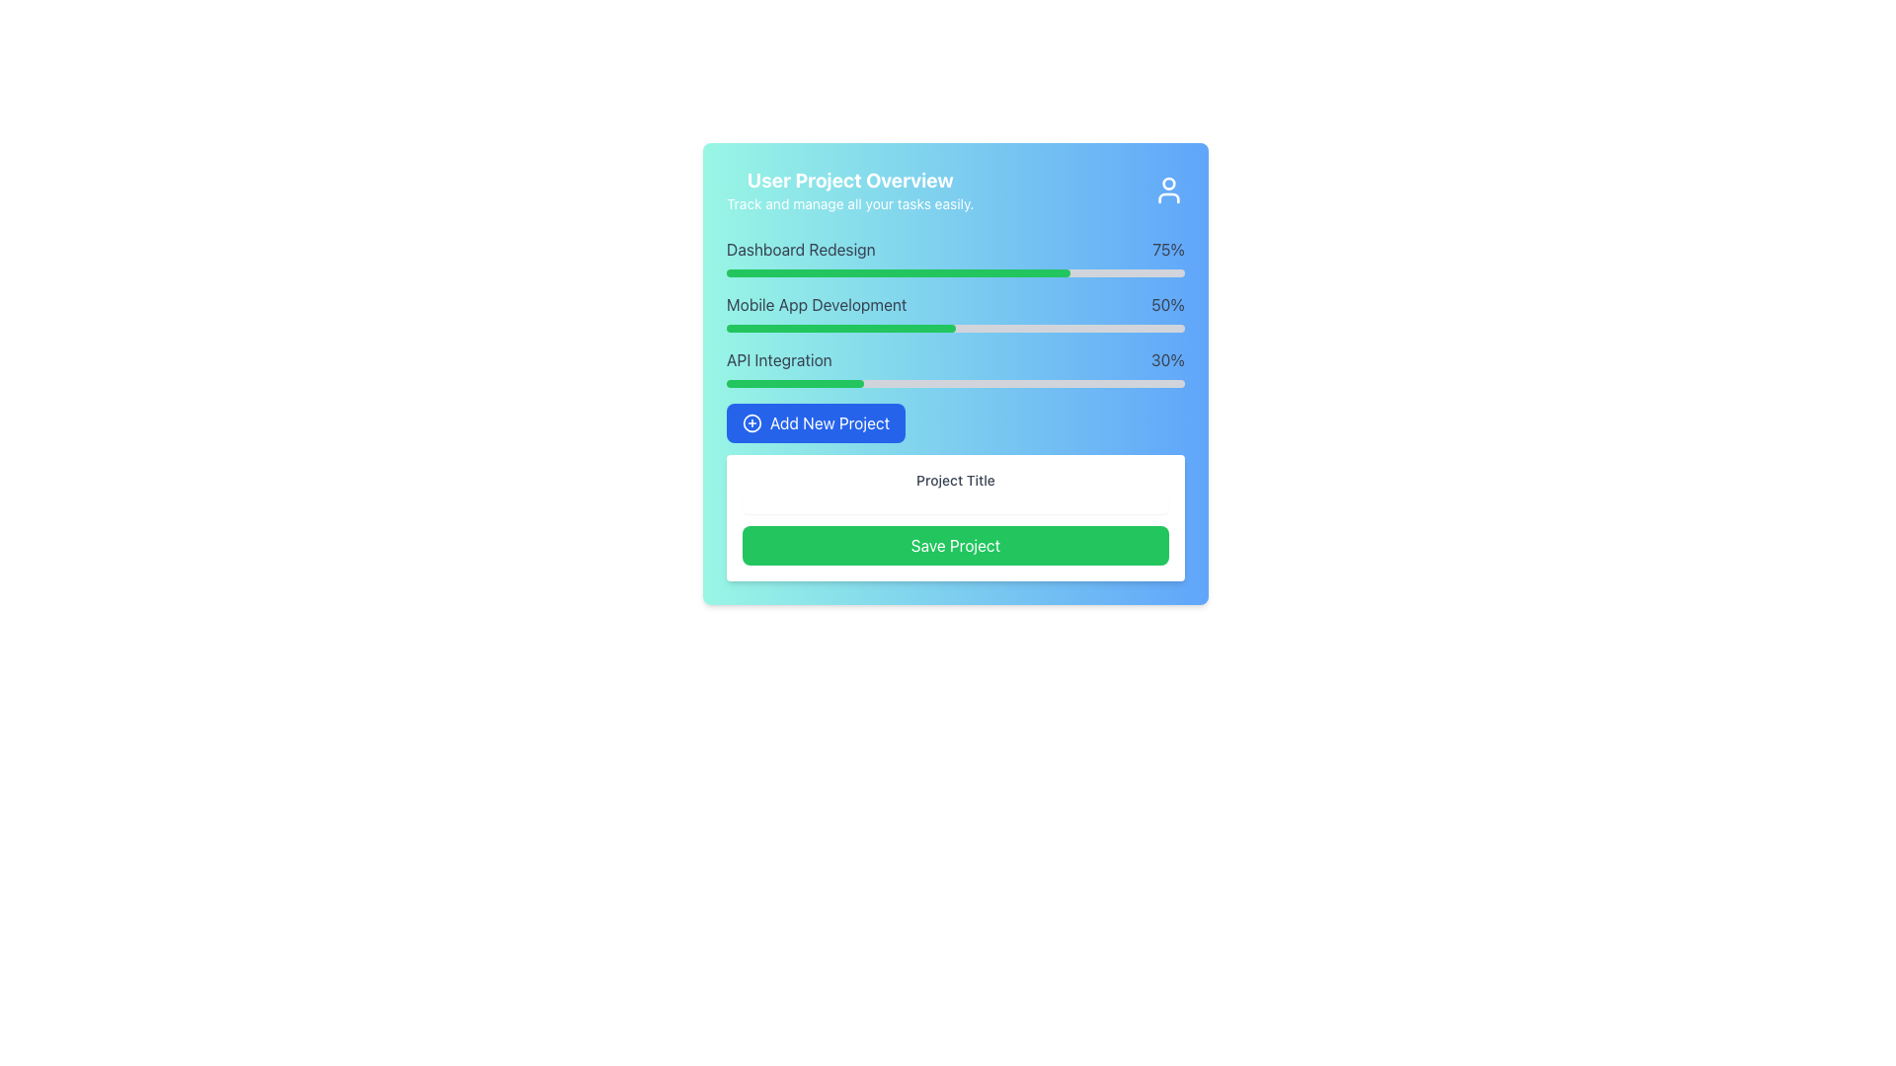 The height and width of the screenshot is (1066, 1896). Describe the element at coordinates (956, 257) in the screenshot. I see `the progress bar labeled 'Dashboard Redesign' that indicates 75% completion, which is the first entry in the vertical list under 'User Project Overview'` at that location.